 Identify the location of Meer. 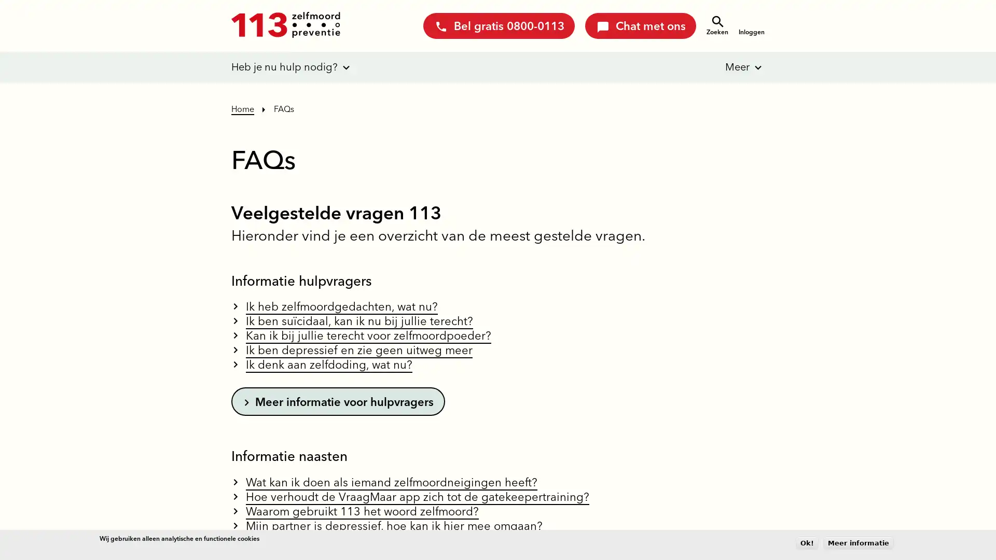
(729, 67).